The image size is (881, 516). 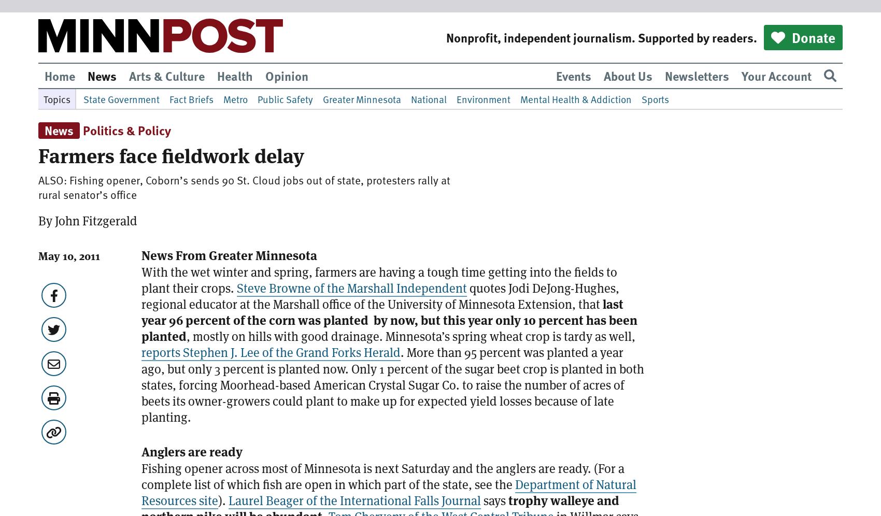 I want to click on 'Newsletters', so click(x=697, y=75).